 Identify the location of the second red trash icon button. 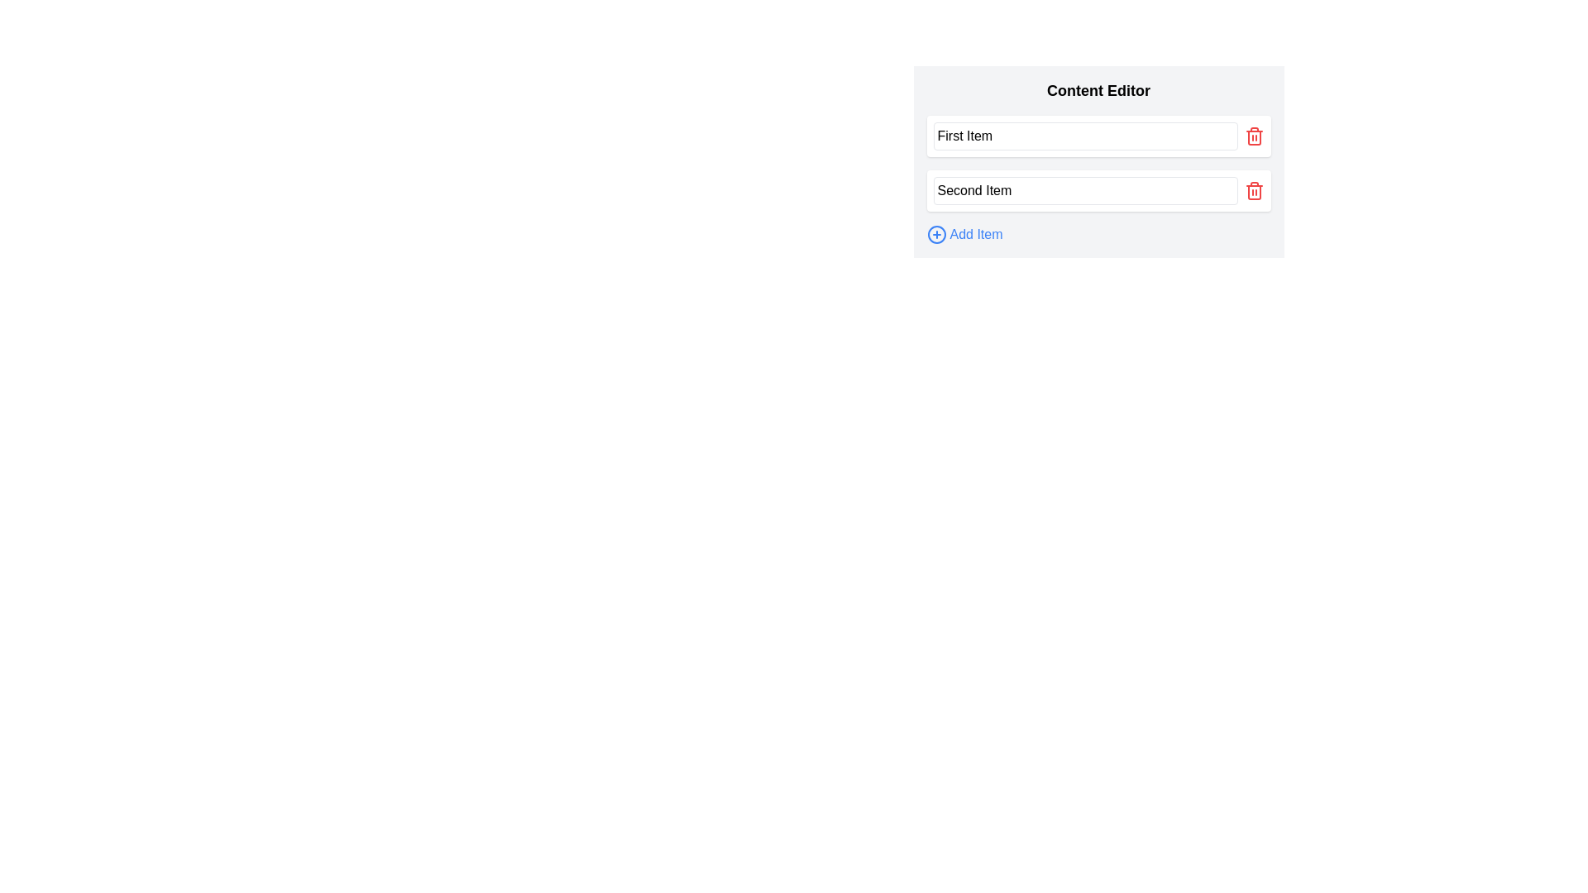
(1254, 190).